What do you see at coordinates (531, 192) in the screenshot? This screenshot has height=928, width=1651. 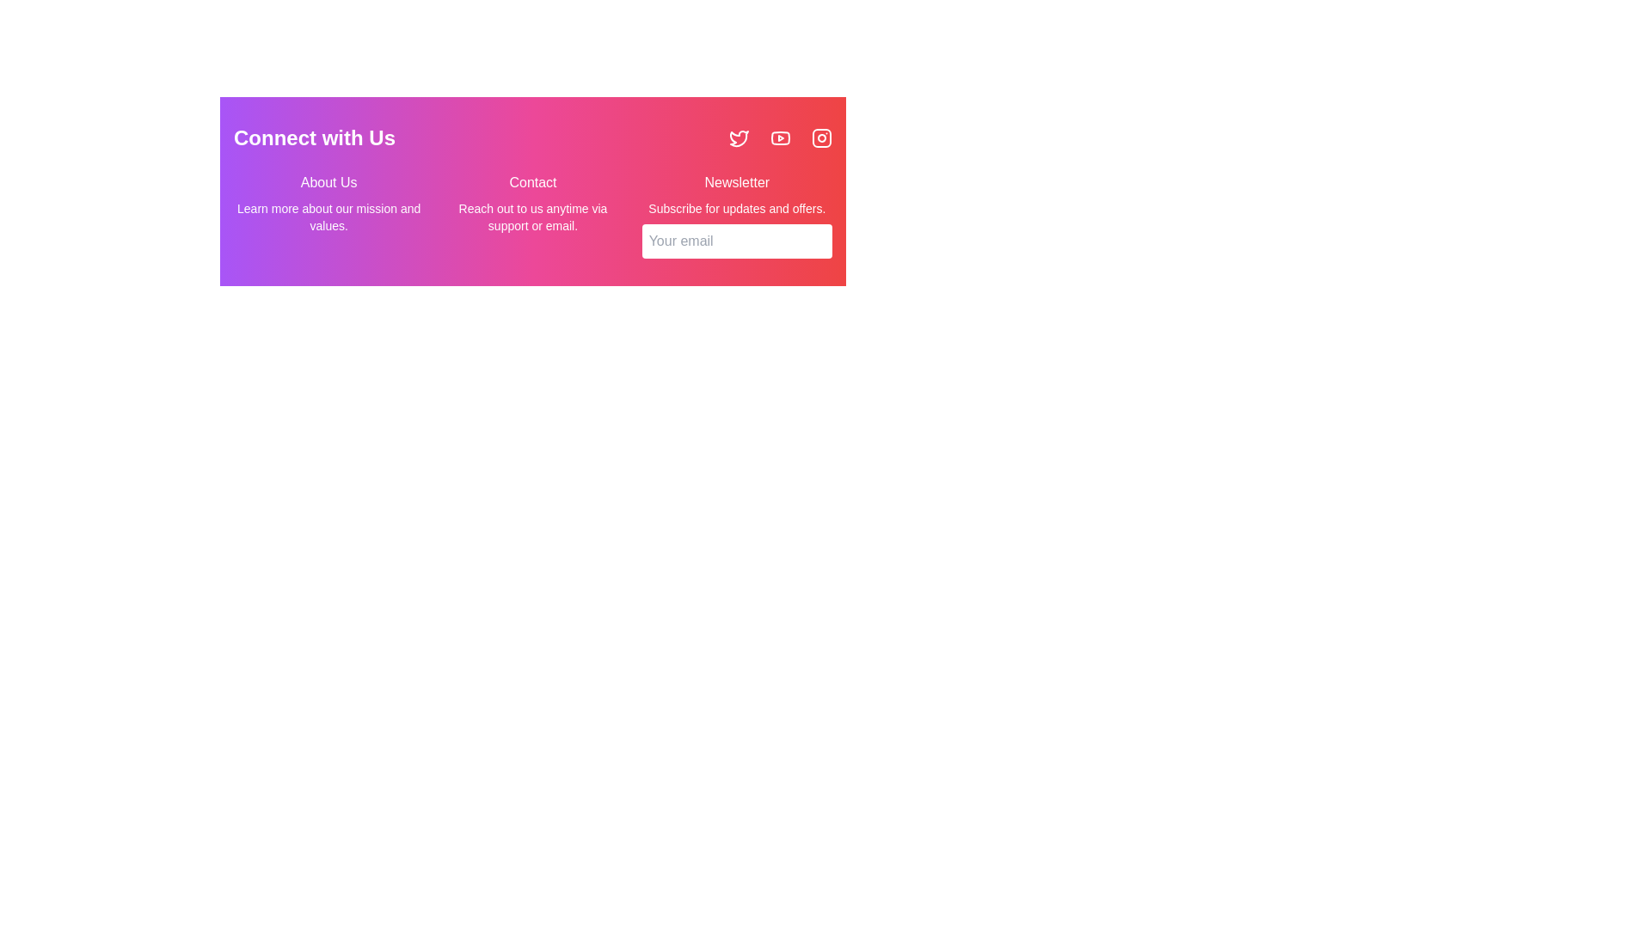 I see `the informational block titled 'Contact'` at bounding box center [531, 192].